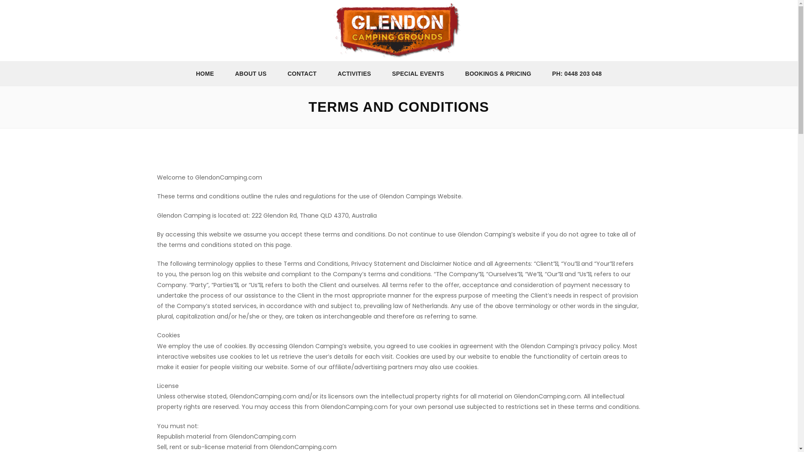  What do you see at coordinates (205, 73) in the screenshot?
I see `'HOME'` at bounding box center [205, 73].